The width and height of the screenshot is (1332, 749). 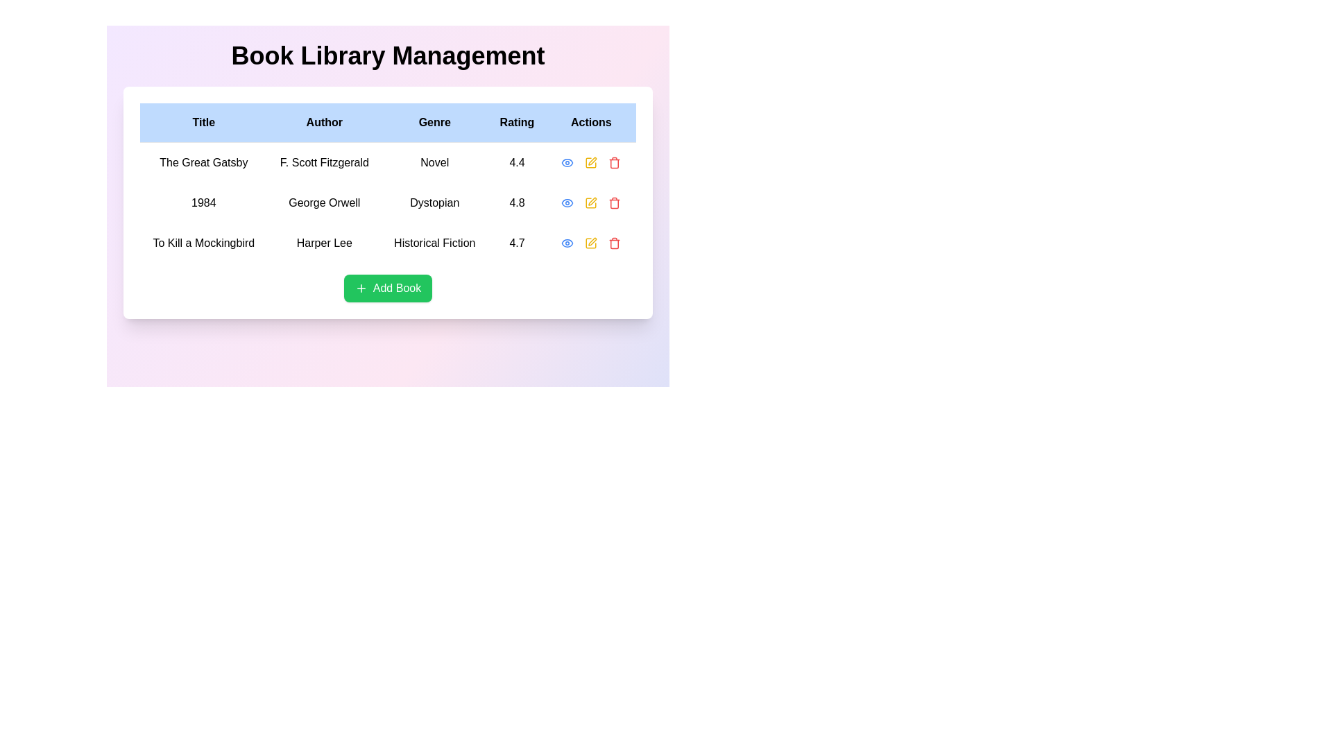 I want to click on the edit icon button located in the Action column of the first row of the book table for 'The Great Gatsby', so click(x=591, y=162).